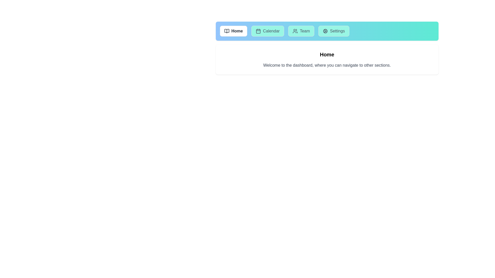 This screenshot has width=495, height=278. Describe the element at coordinates (334, 31) in the screenshot. I see `the tab labeled Settings to observe its hover effect` at that location.